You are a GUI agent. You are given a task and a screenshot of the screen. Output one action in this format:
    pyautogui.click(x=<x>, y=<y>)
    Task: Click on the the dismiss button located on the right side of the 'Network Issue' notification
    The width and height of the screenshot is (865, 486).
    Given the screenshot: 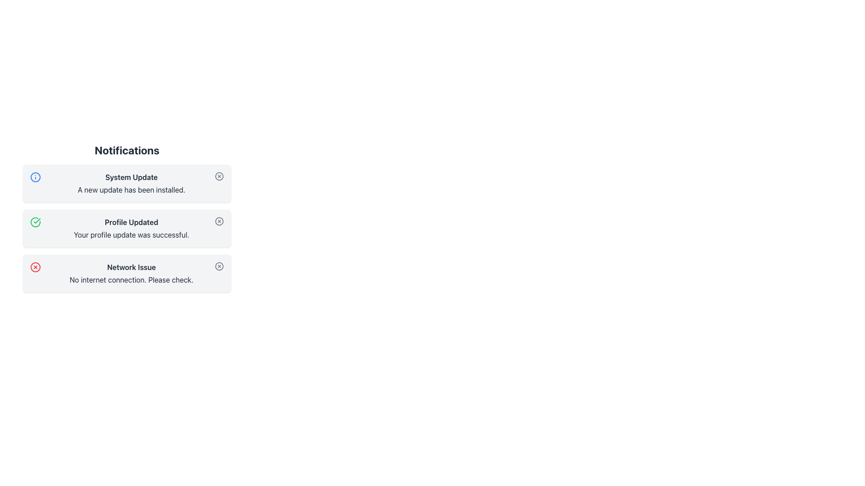 What is the action you would take?
    pyautogui.click(x=219, y=265)
    